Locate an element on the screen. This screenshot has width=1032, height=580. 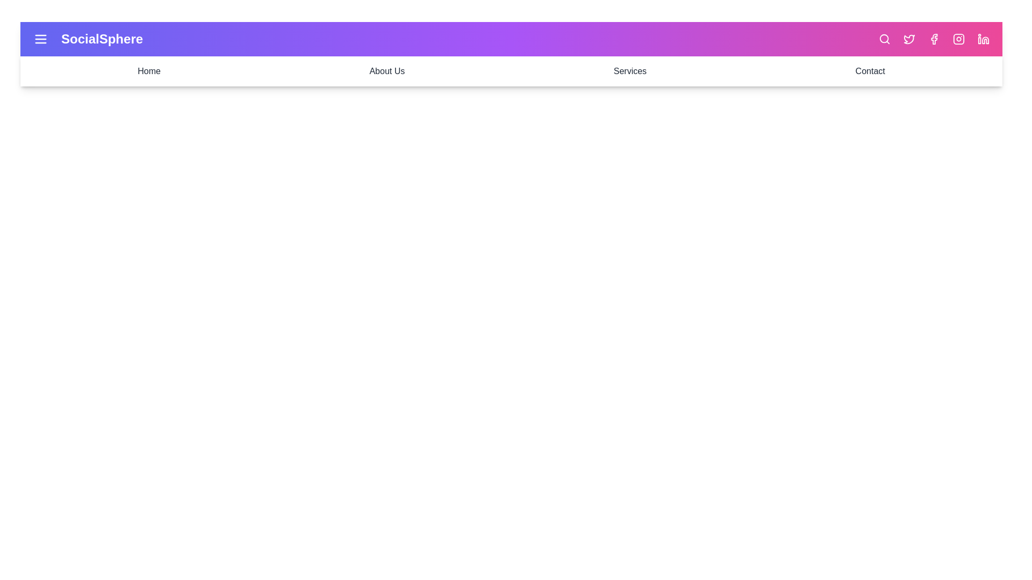
the LinkedIn icon to open its respective link is located at coordinates (983, 39).